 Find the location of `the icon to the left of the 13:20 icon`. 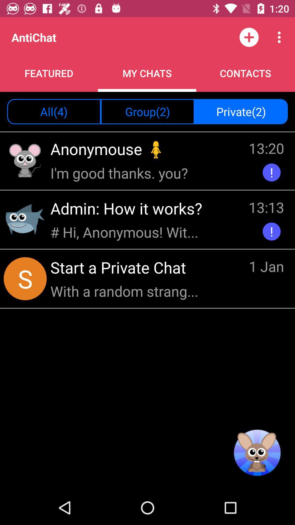

the icon to the left of the 13:20 icon is located at coordinates (110, 149).